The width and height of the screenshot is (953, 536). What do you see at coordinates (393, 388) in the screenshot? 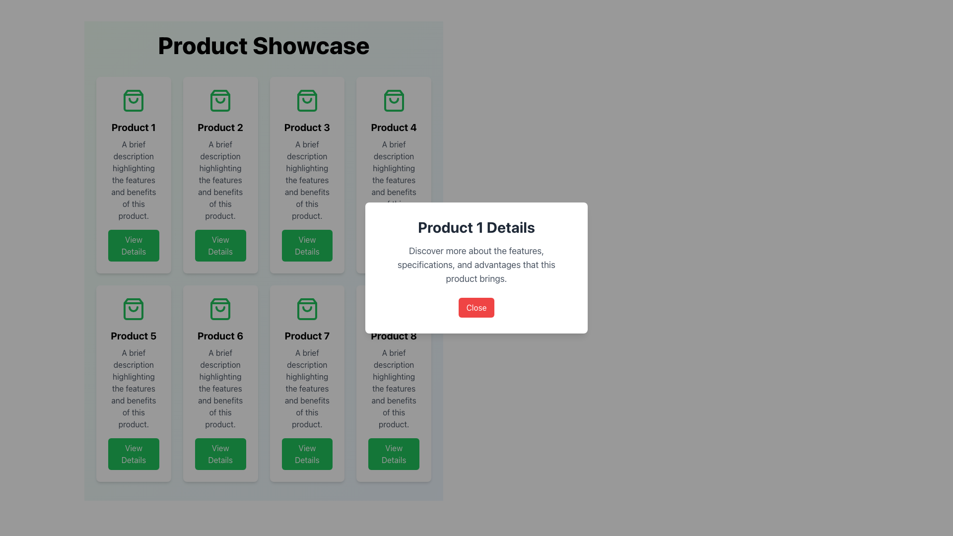
I see `the informational text block located within the card for 'Product 8', positioned below the title and above the 'View Details' button` at bounding box center [393, 388].